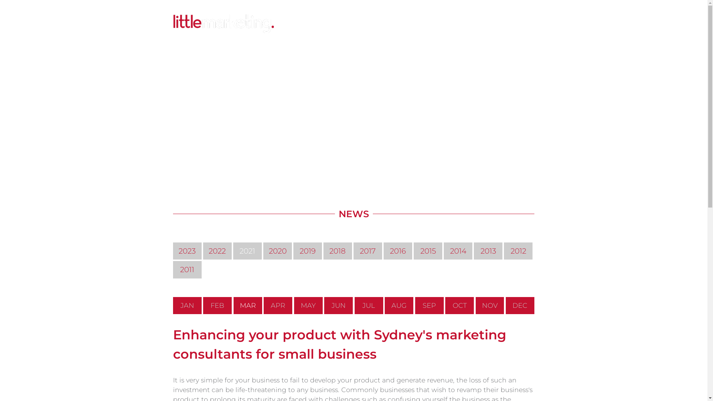 The image size is (713, 401). I want to click on 'APR', so click(277, 305).